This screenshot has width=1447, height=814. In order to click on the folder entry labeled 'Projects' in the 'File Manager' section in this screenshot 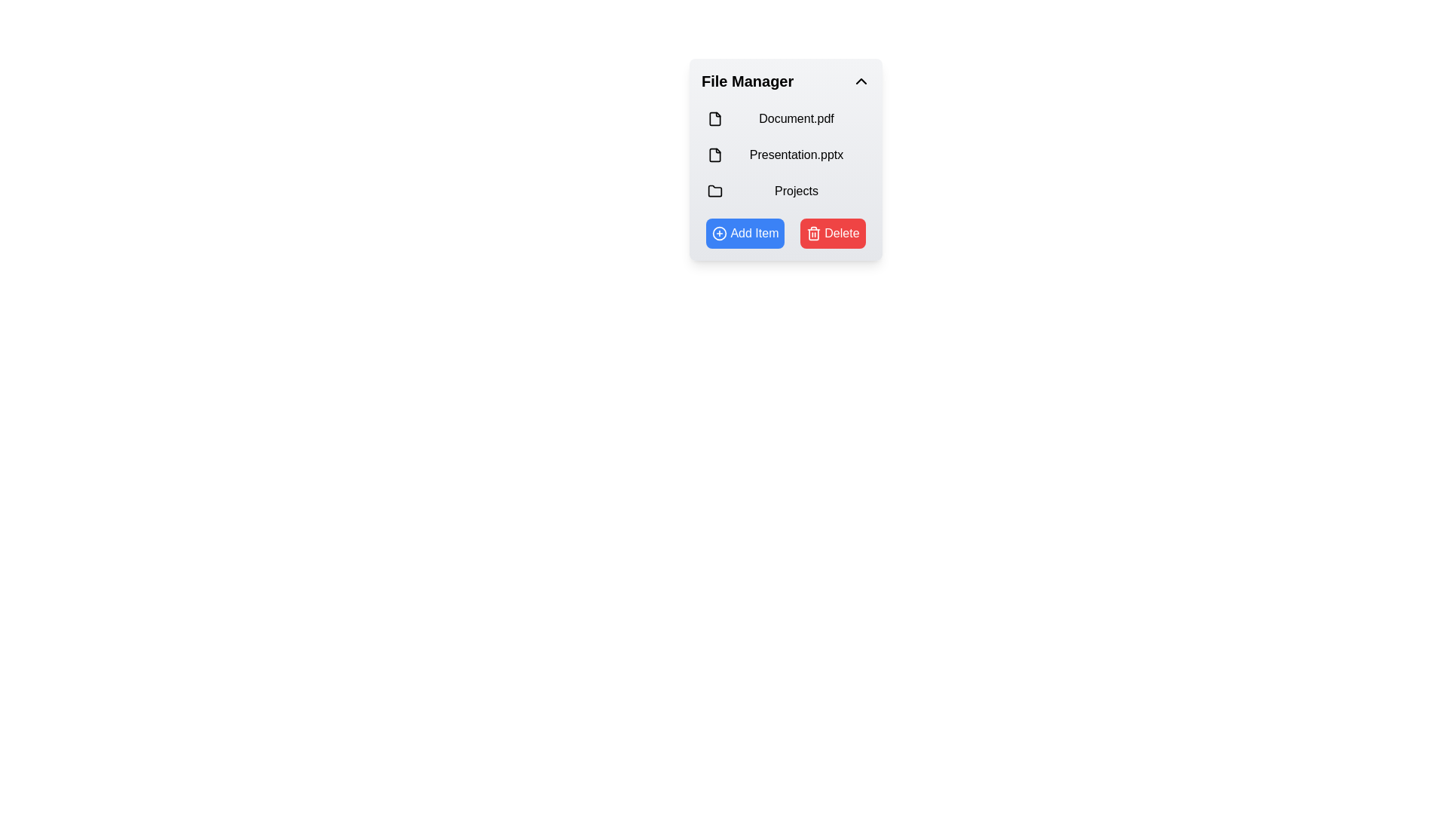, I will do `click(785, 191)`.